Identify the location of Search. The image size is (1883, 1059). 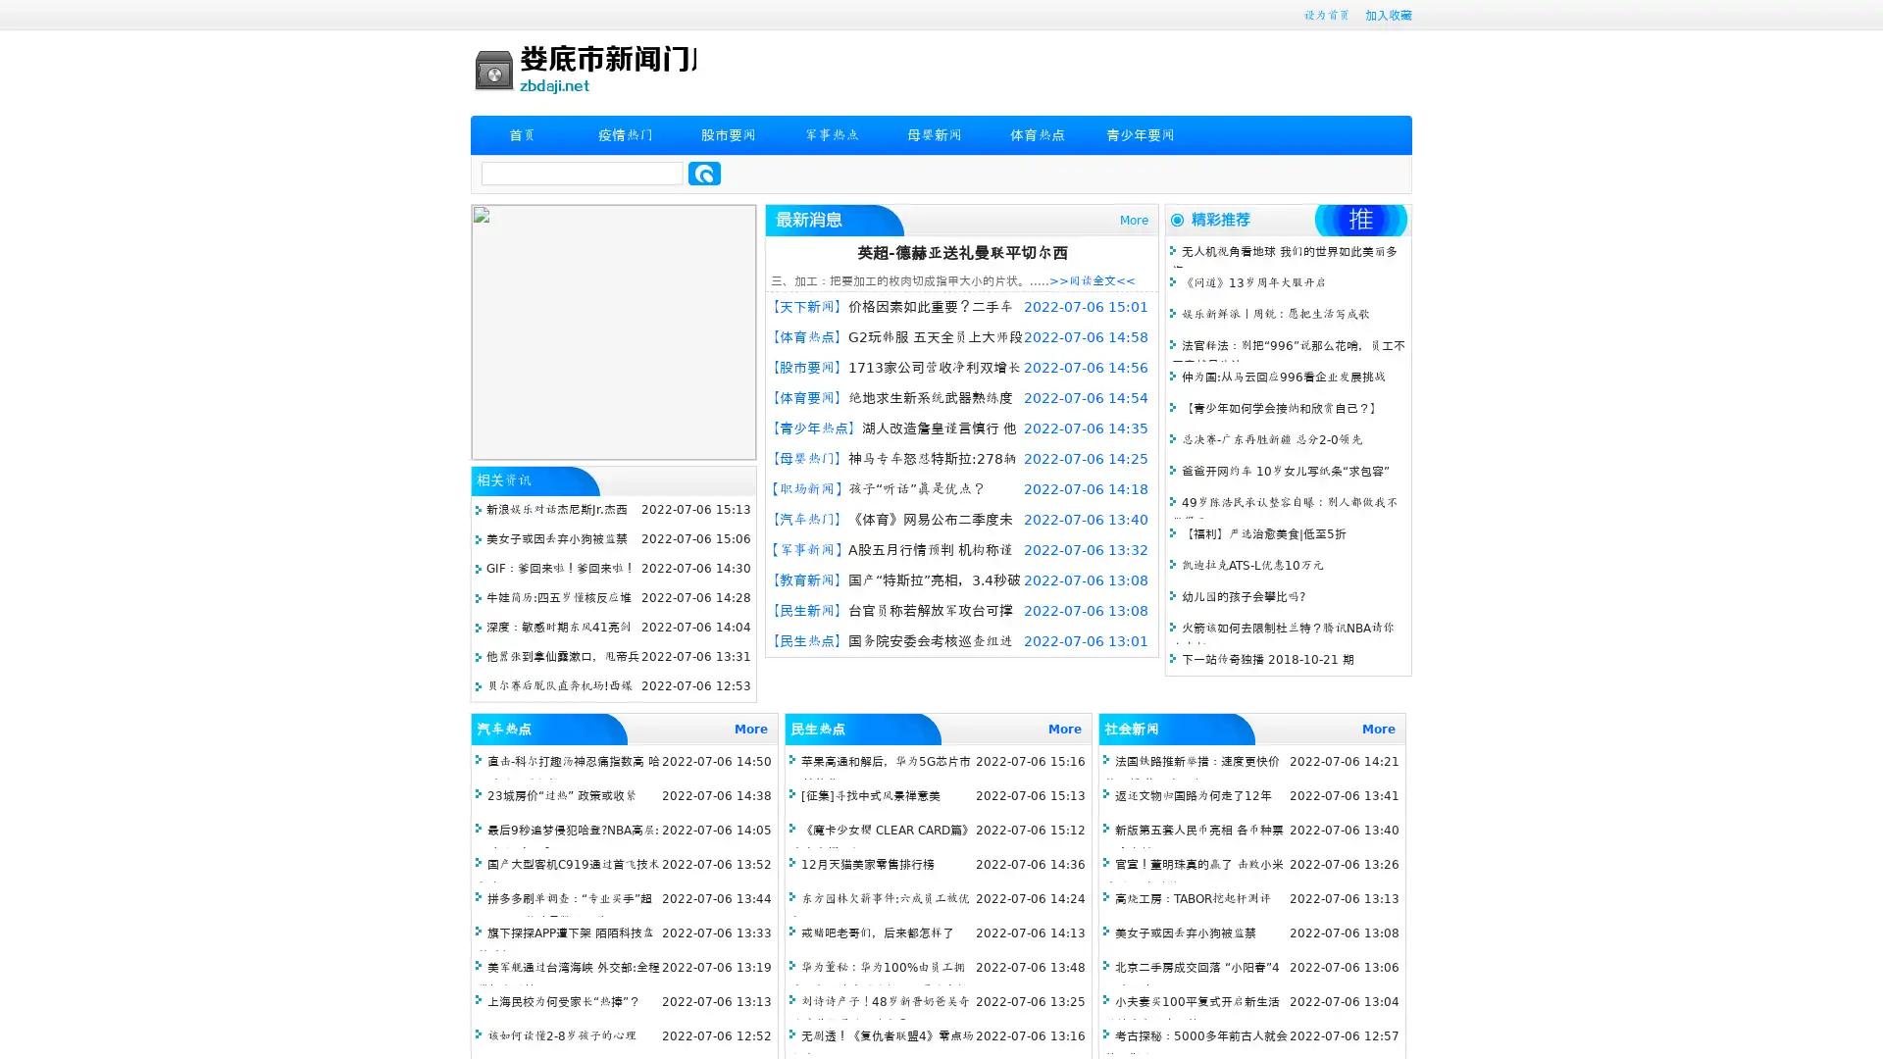
(704, 173).